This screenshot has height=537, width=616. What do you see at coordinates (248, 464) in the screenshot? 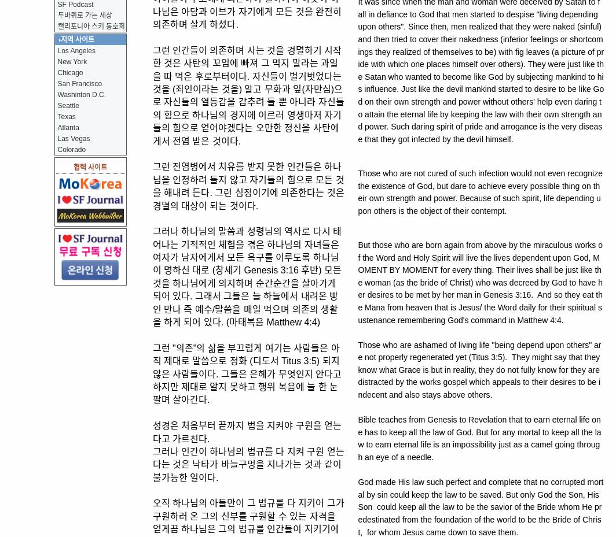
I see `'그러나 인간이 하나님의 법규를 다 지켜 구원 얻는다는 것은 낙타가 										바늘구멍을 지나가는 것과 같이 불가능한 일이다.'` at bounding box center [248, 464].